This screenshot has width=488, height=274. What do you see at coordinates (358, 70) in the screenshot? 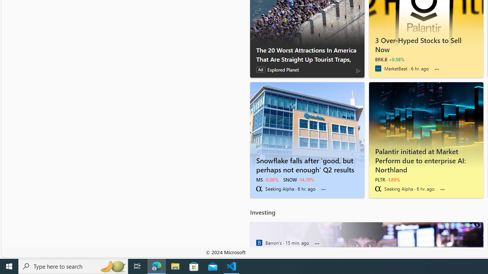
I see `'AdChoices'` at bounding box center [358, 70].